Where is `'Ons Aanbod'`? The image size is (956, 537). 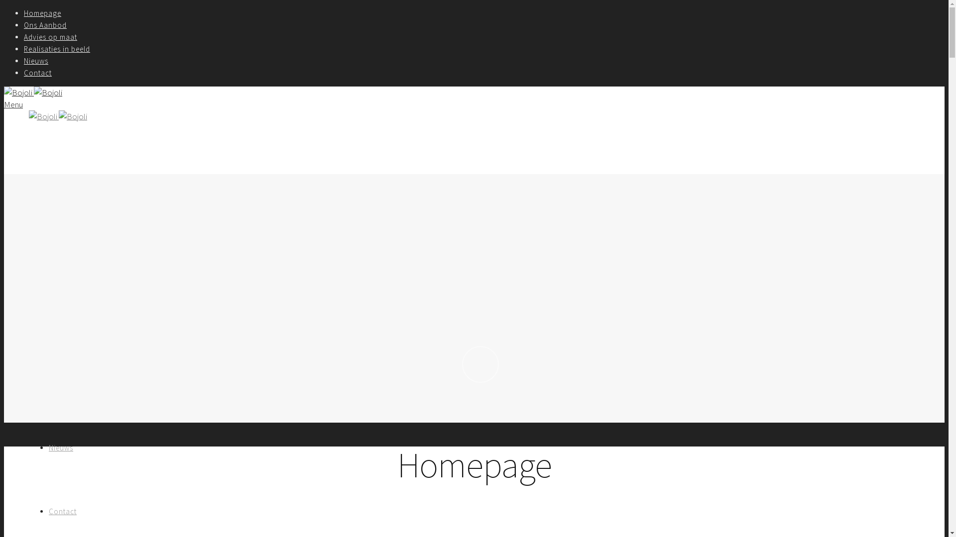
'Ons Aanbod' is located at coordinates (48, 256).